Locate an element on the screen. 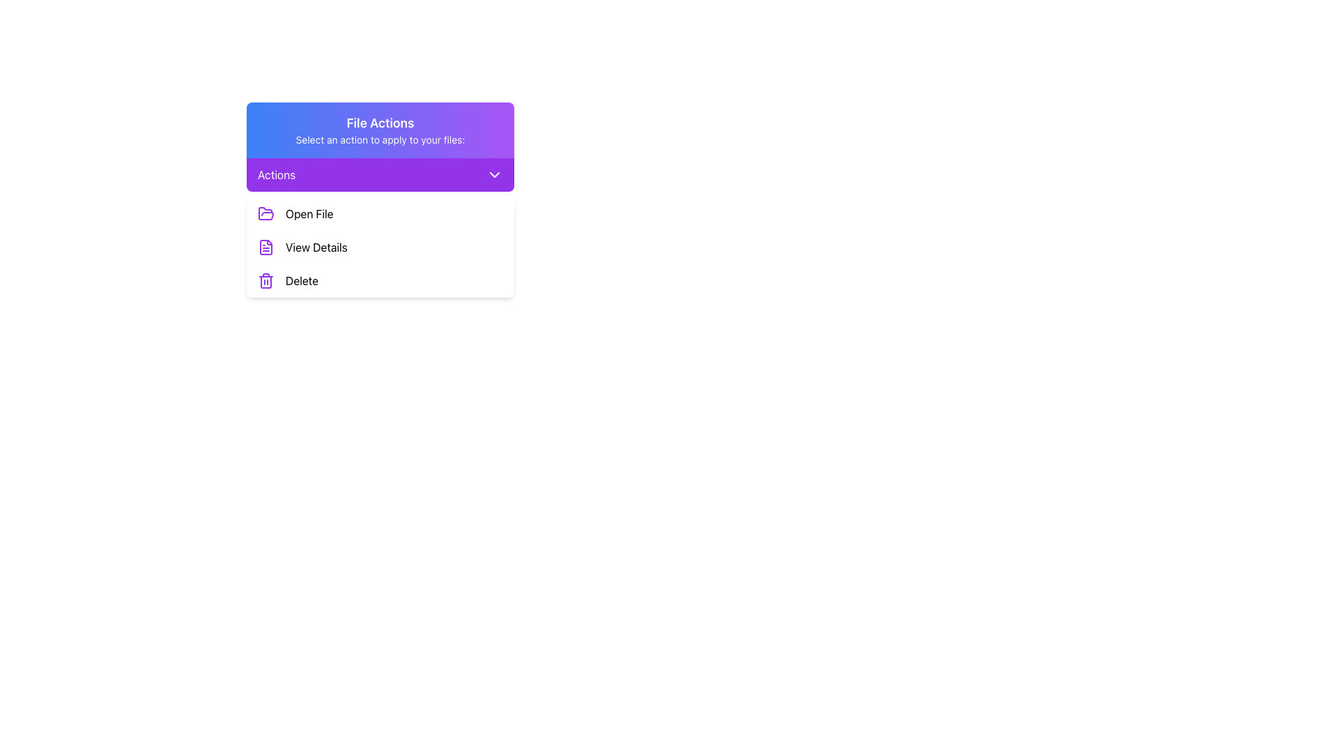  the 'Delete' icon located to the left of the 'Delete' option in the dropdown menu labeled 'Actions' for indirect interaction is located at coordinates (266, 280).